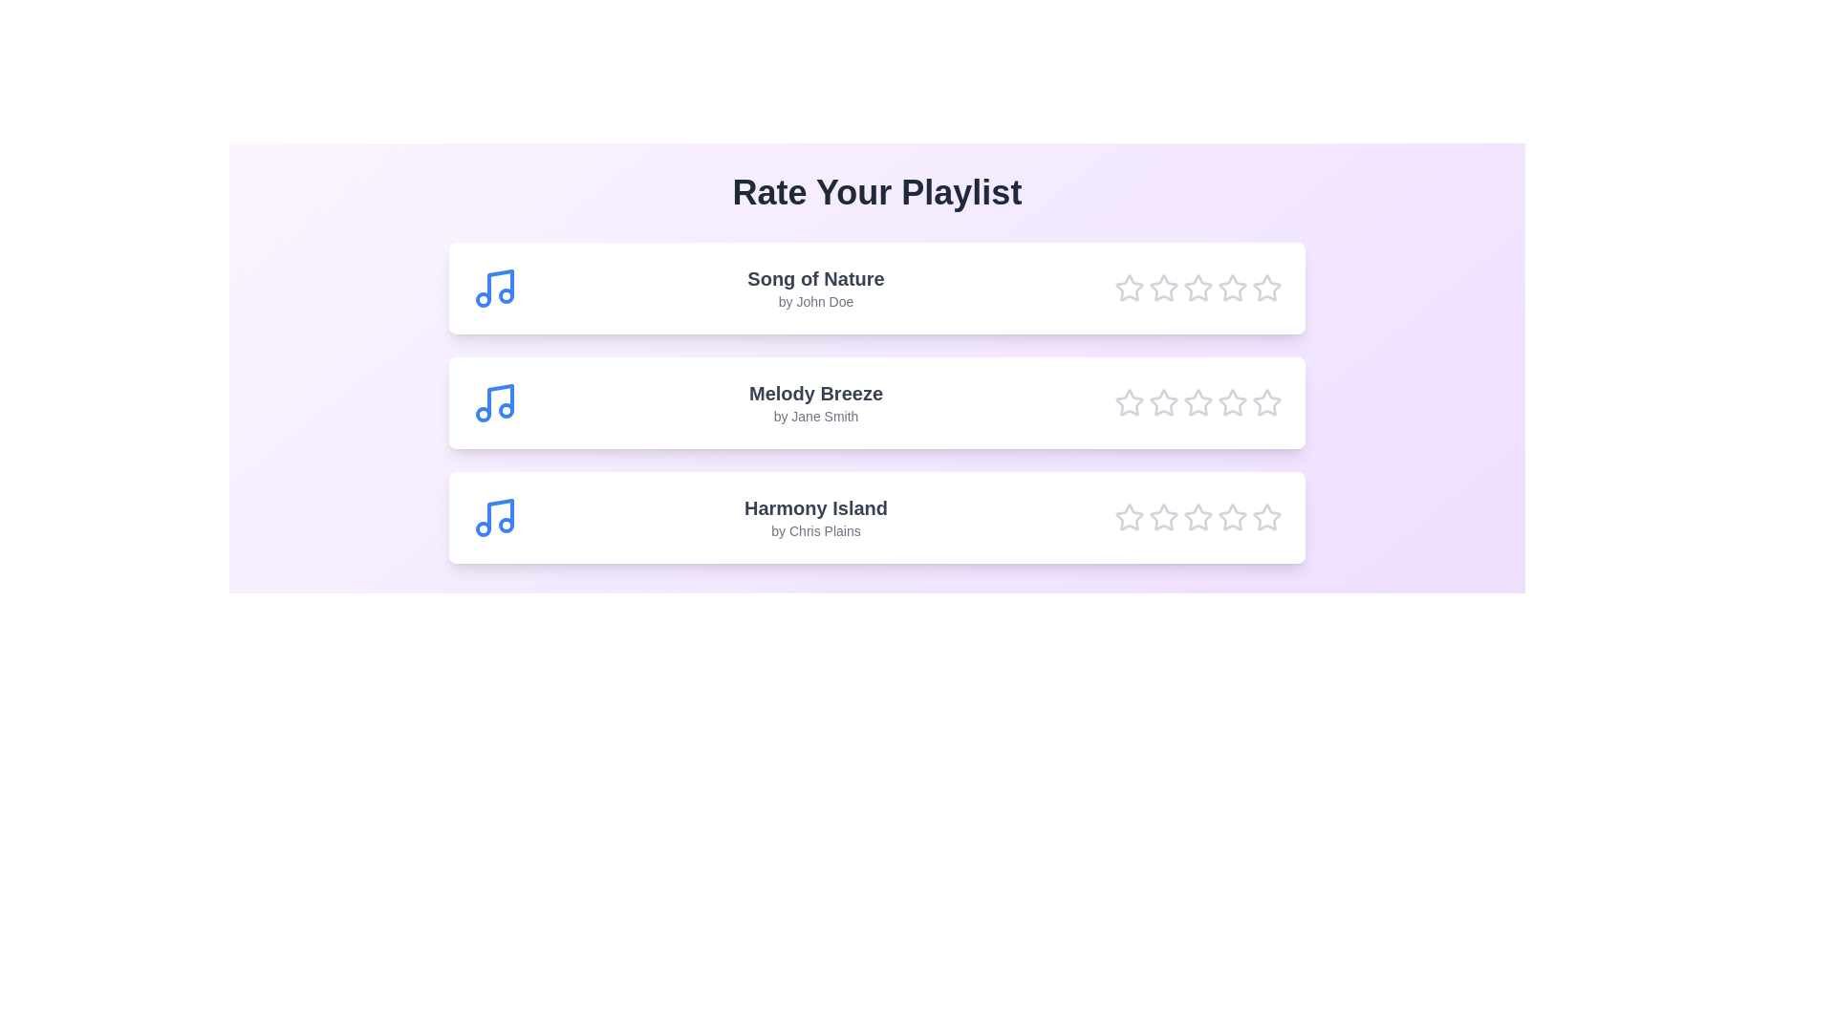 The height and width of the screenshot is (1032, 1835). Describe the element at coordinates (1266, 518) in the screenshot. I see `the star corresponding to 5 for the song Harmony Island` at that location.